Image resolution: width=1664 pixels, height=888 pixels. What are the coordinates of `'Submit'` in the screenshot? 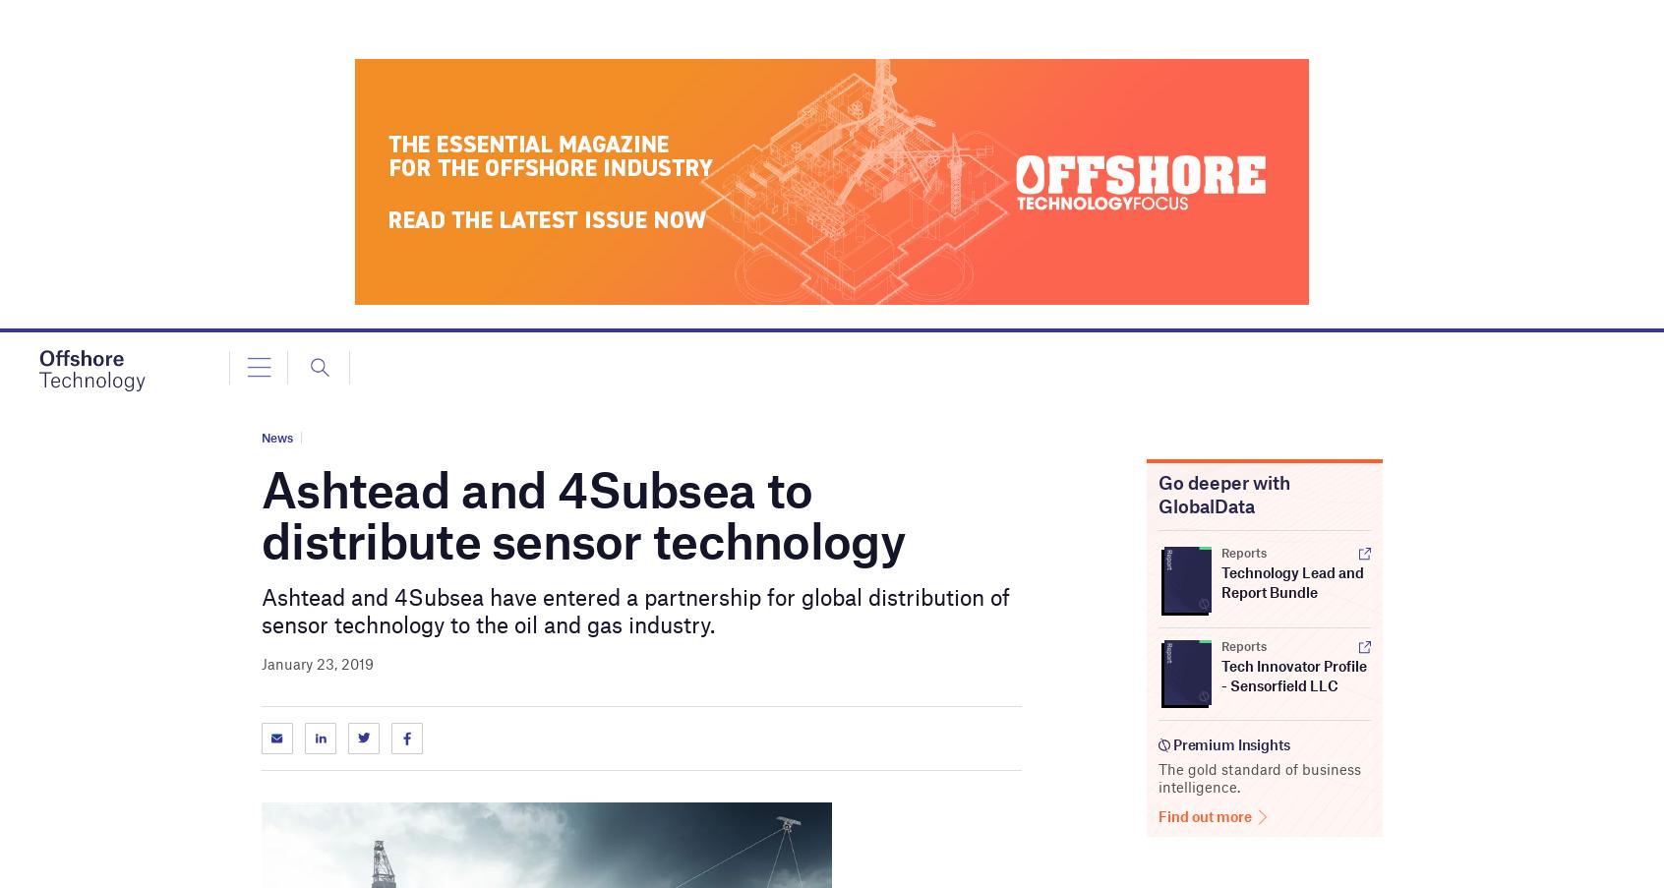 It's located at (864, 107).